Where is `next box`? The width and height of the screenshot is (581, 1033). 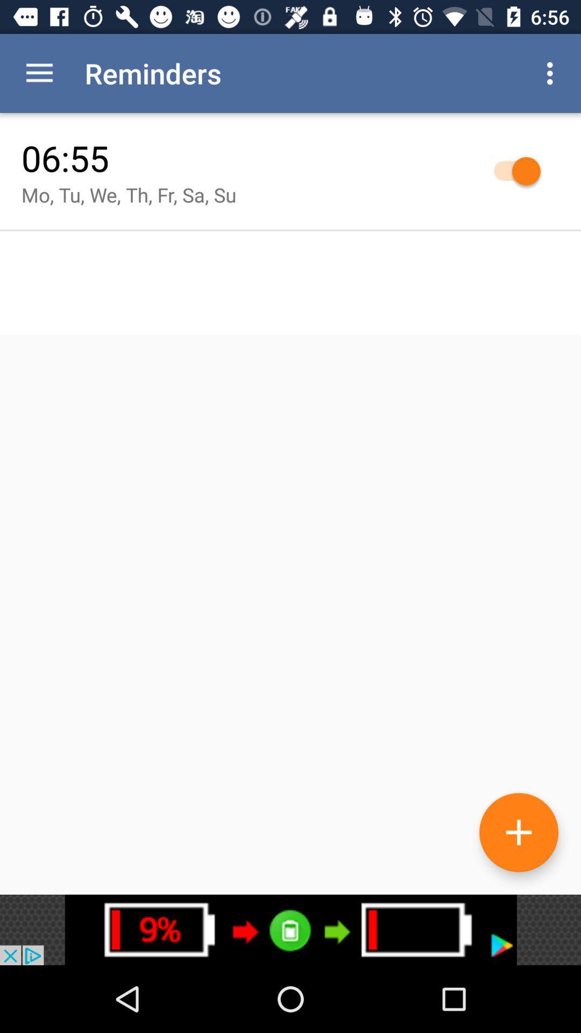
next box is located at coordinates (290, 929).